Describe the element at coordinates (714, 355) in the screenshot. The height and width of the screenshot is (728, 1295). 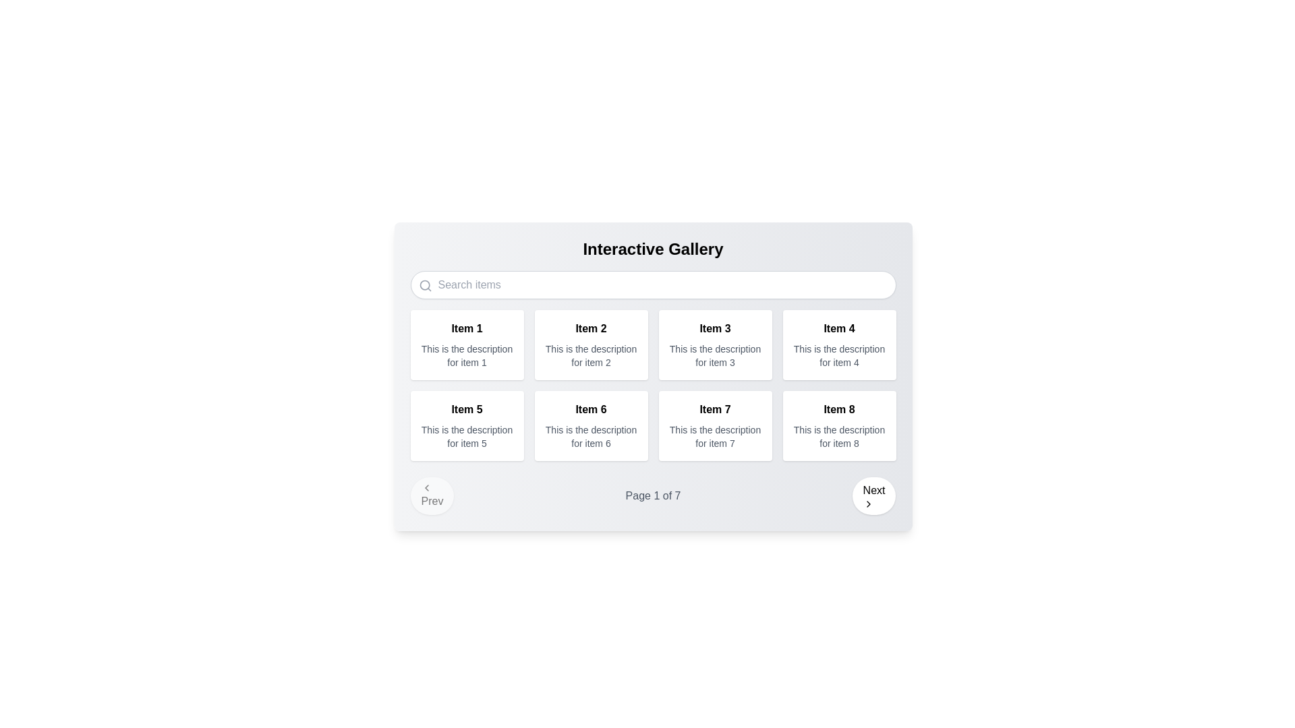
I see `informational text label that states 'This is the description for item 3,' which is located below the title 'Item 3' in the gallery interface` at that location.